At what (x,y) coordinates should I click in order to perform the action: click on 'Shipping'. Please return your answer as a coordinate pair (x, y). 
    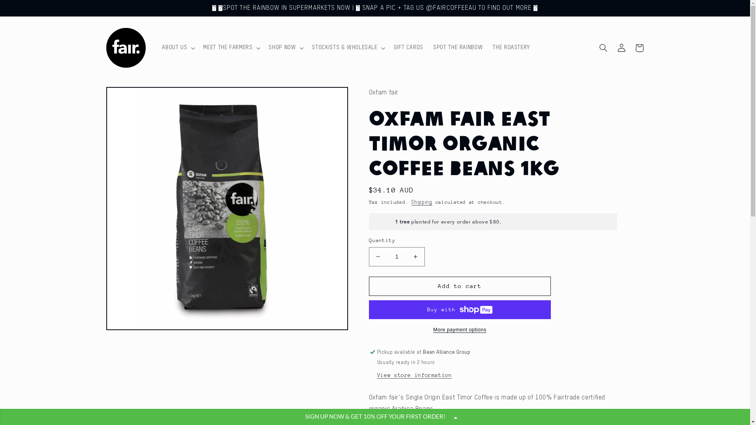
    Looking at the image, I should click on (421, 202).